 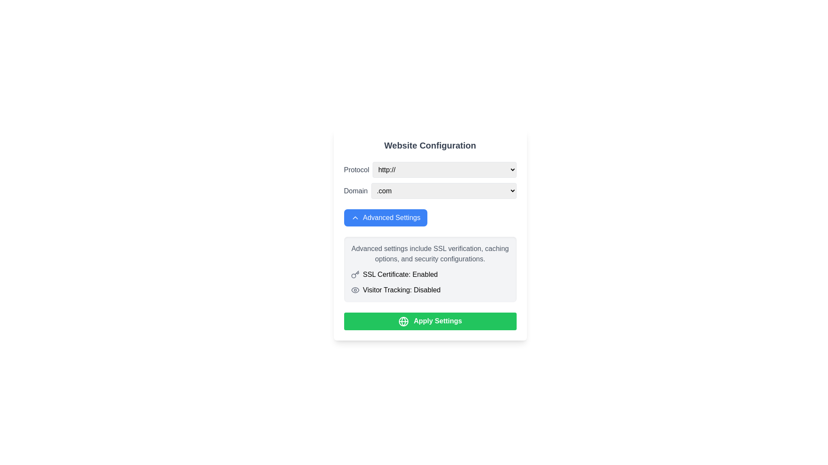 What do you see at coordinates (430, 274) in the screenshot?
I see `the Text Label with Icon that reads 'SSL Certificate: Enabled', which is styled in black on a light background and is the first item in a list of options under the 'Advanced settings include SSL verification, caching options, and security configurations.'` at bounding box center [430, 274].